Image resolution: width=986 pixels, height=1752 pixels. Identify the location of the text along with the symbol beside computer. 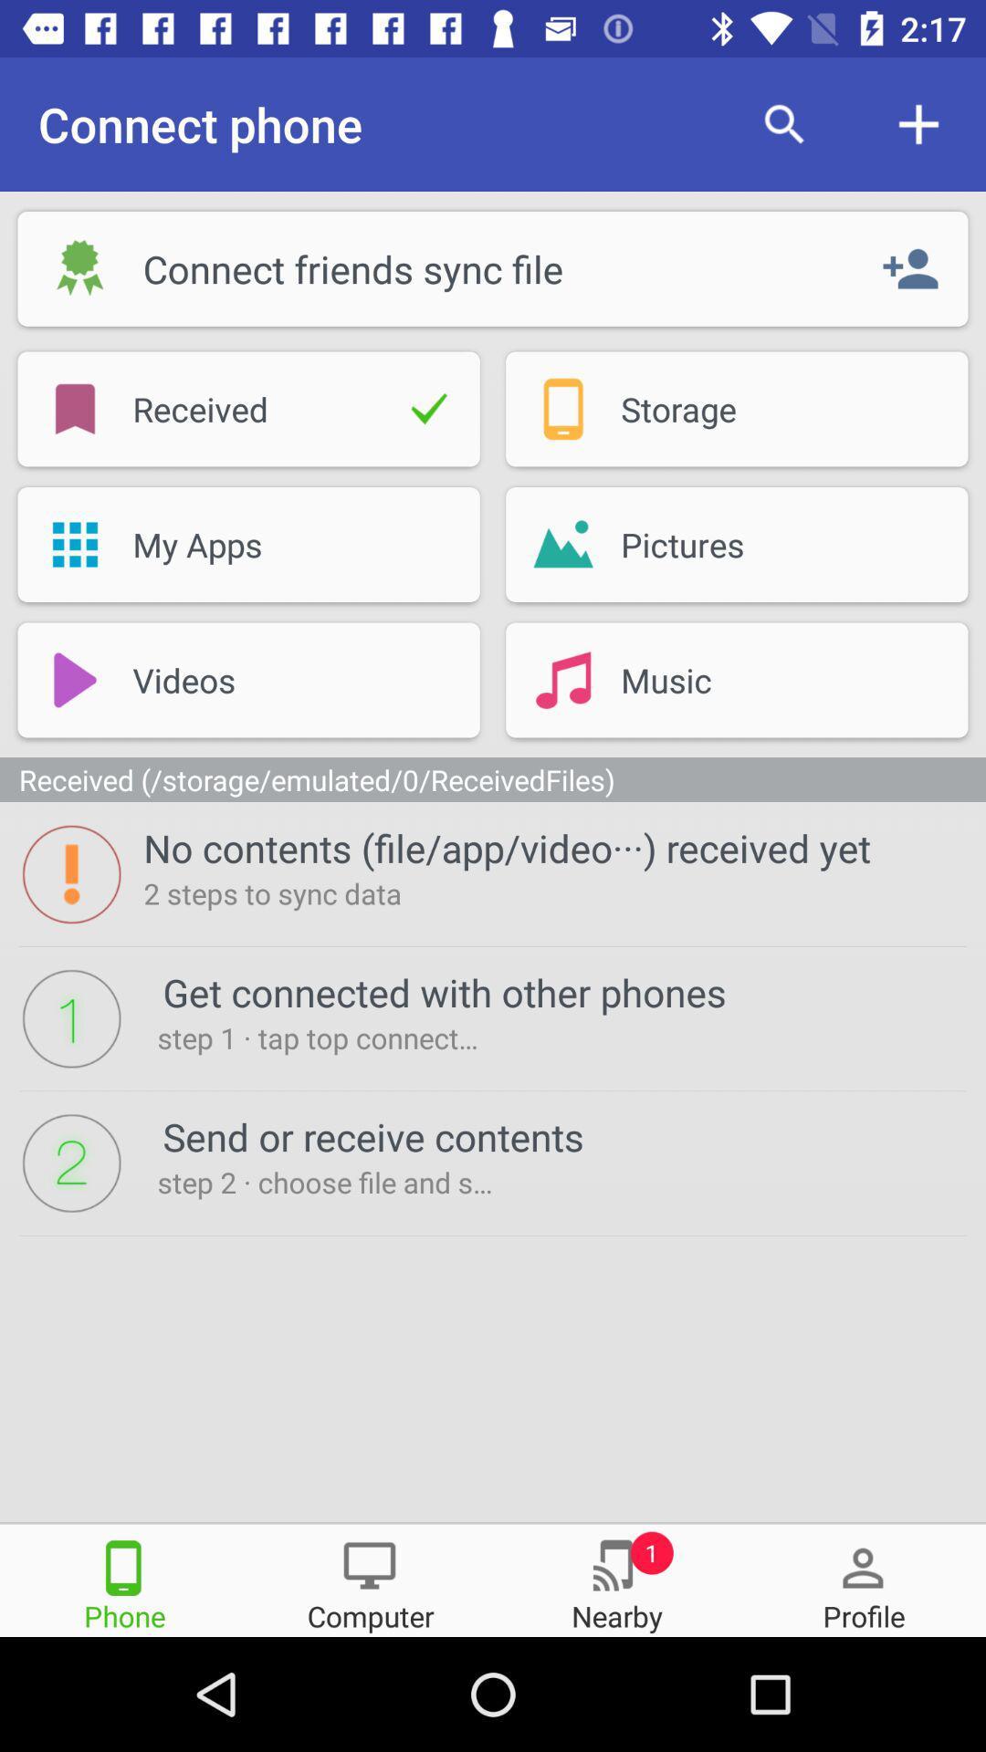
(616, 1579).